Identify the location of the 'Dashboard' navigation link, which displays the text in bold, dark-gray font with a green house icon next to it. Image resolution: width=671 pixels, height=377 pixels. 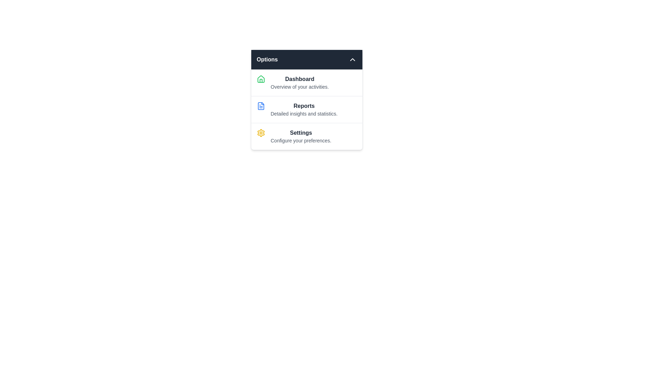
(306, 82).